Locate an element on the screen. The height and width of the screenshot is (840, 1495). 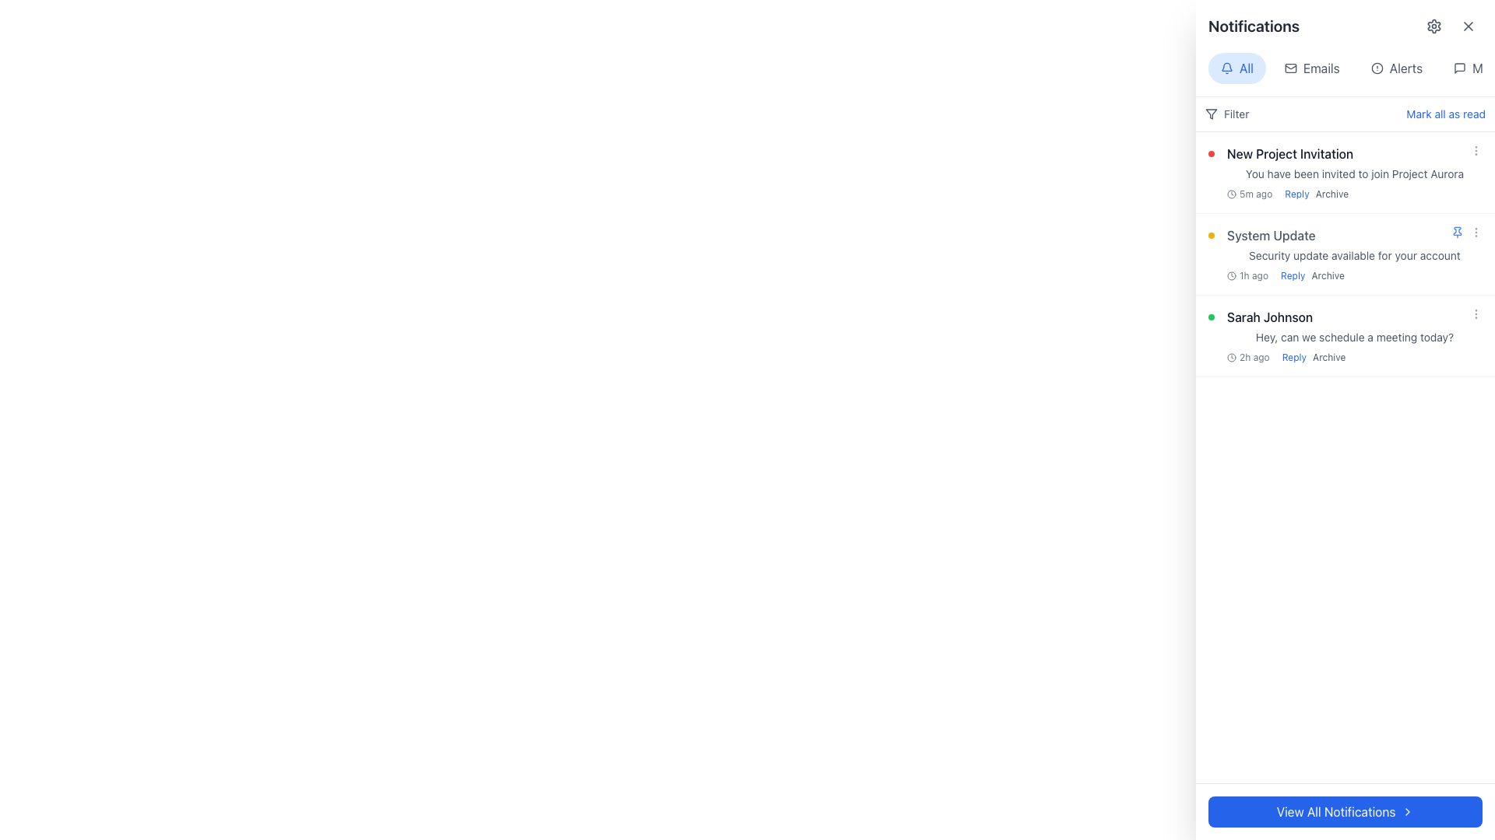
text content 'Security update available for your account' located under the heading 'System Update' in the notifications list is located at coordinates (1353, 254).